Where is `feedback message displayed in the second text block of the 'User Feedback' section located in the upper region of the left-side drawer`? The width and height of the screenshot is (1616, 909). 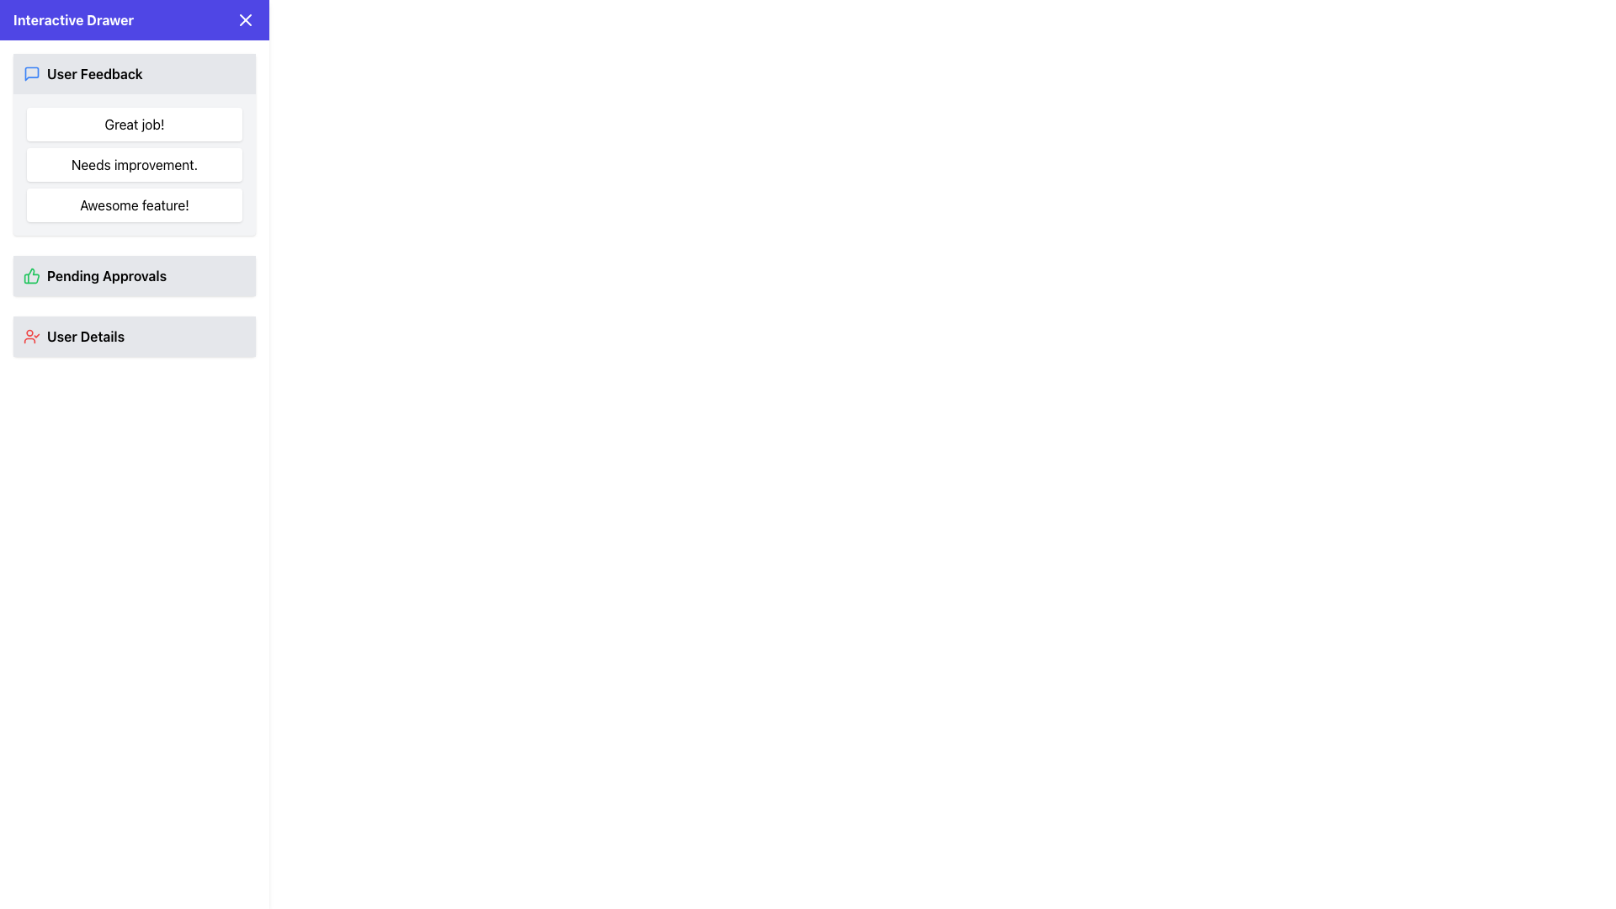 feedback message displayed in the second text block of the 'User Feedback' section located in the upper region of the left-side drawer is located at coordinates (133, 165).